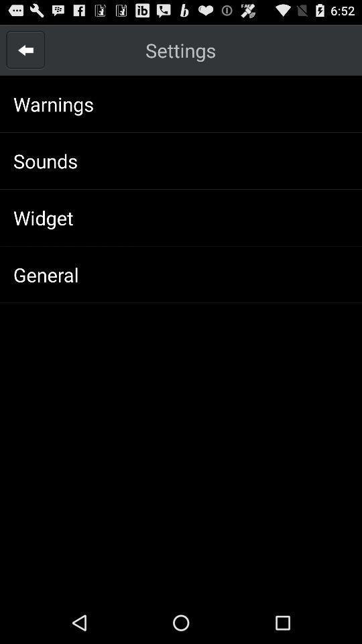 This screenshot has width=362, height=644. I want to click on the widget icon, so click(43, 217).